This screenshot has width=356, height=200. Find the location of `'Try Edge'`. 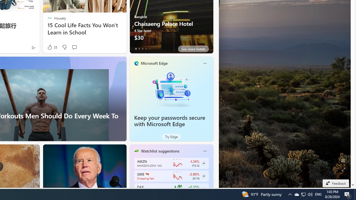

'Try Edge' is located at coordinates (171, 137).